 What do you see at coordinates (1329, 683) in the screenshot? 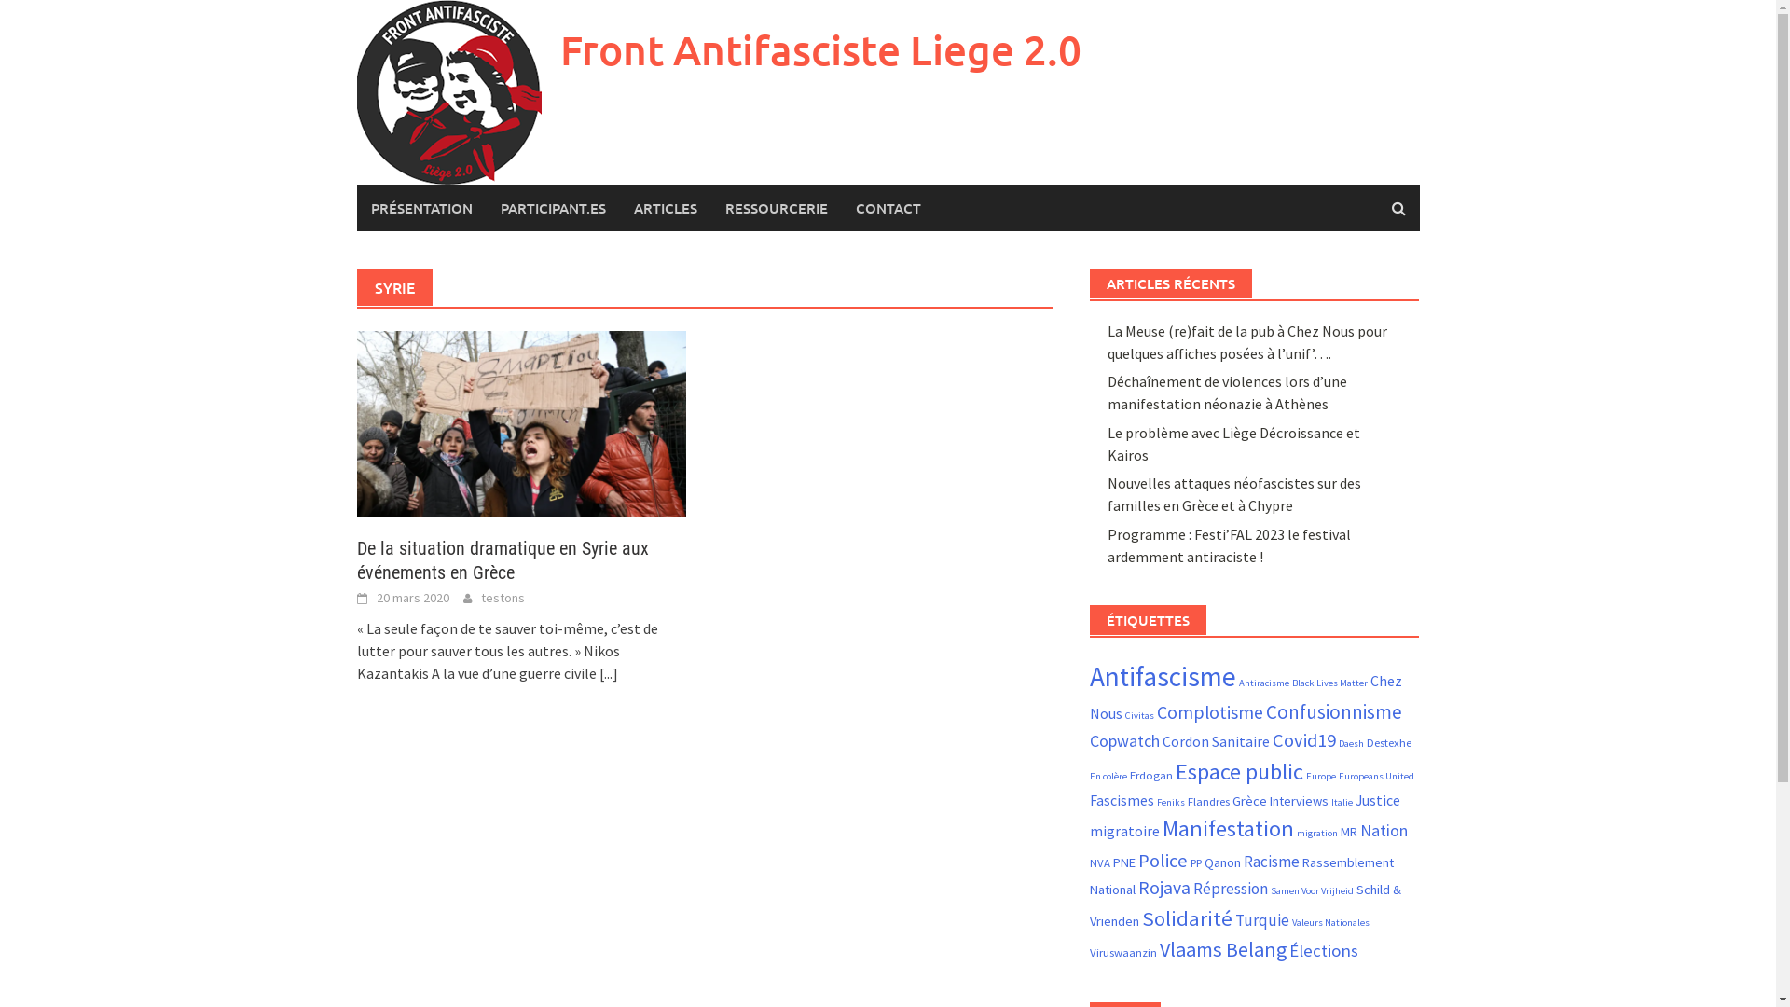
I see `'Black Lives Matter'` at bounding box center [1329, 683].